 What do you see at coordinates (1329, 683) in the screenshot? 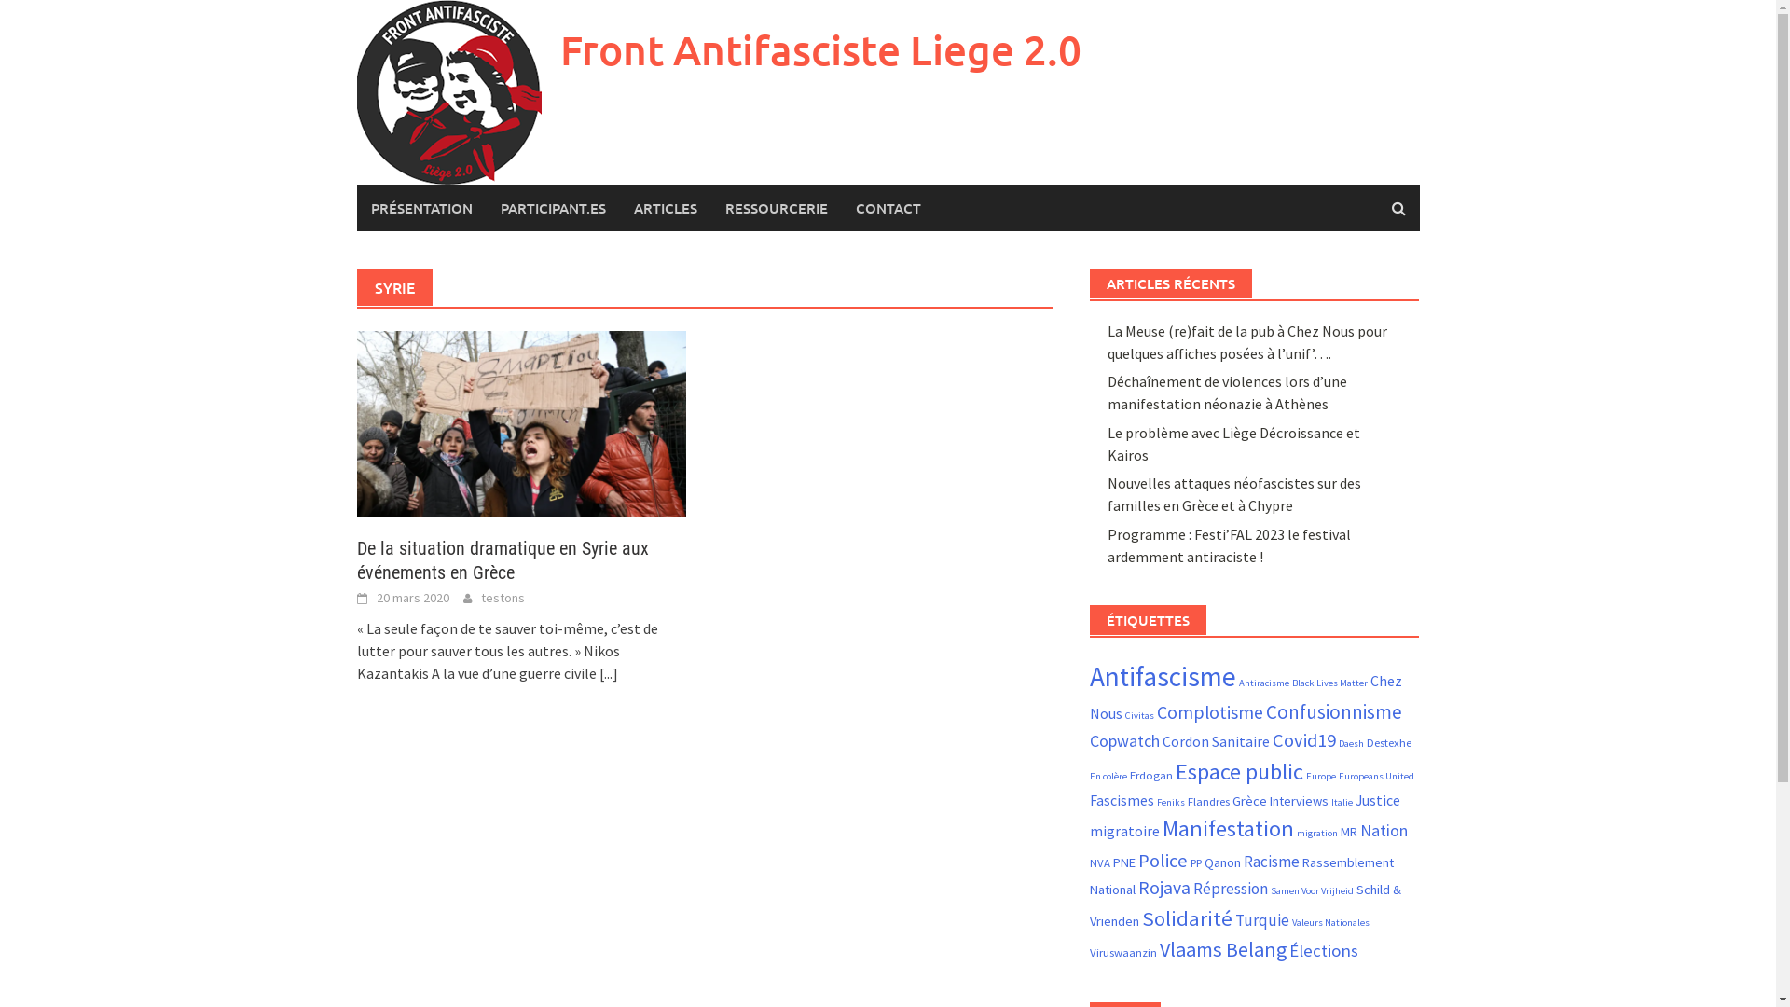
I see `'Black Lives Matter'` at bounding box center [1329, 683].